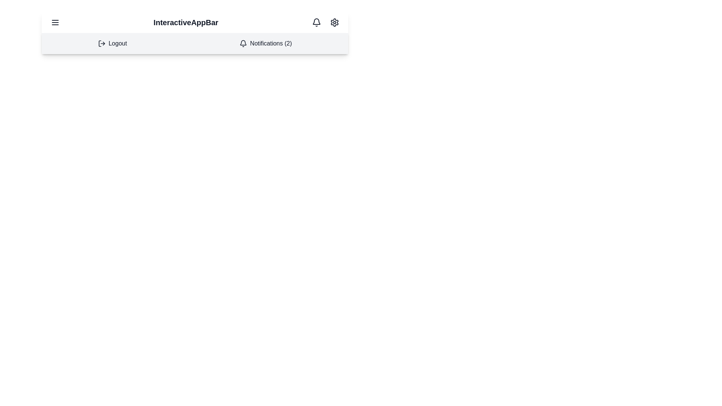 This screenshot has width=722, height=406. What do you see at coordinates (316, 22) in the screenshot?
I see `the bell icon to view notifications` at bounding box center [316, 22].